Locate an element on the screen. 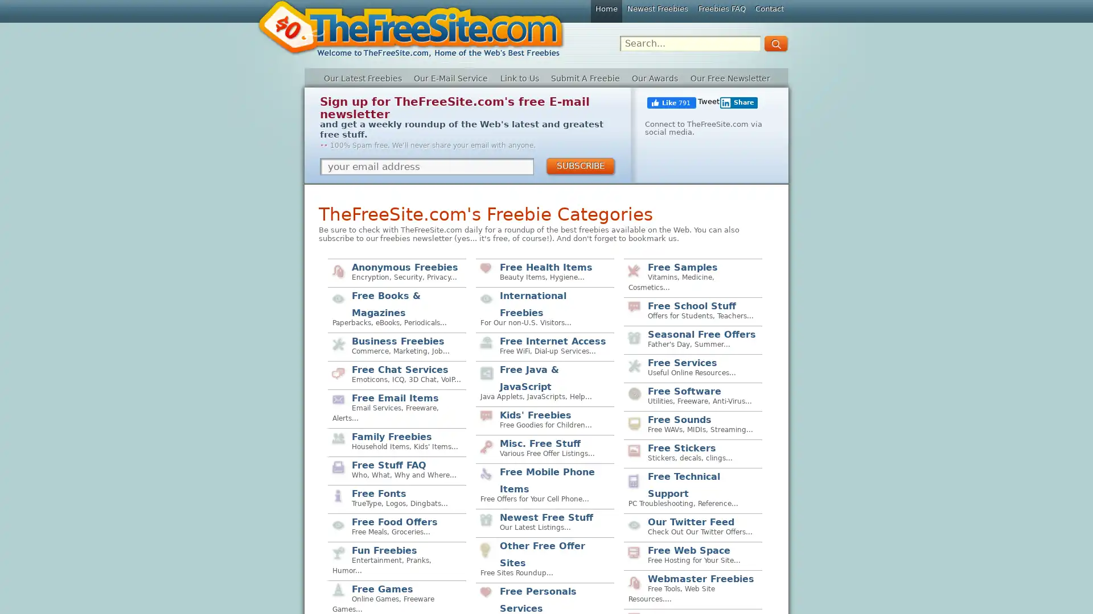  SUBSCRIBE is located at coordinates (580, 166).